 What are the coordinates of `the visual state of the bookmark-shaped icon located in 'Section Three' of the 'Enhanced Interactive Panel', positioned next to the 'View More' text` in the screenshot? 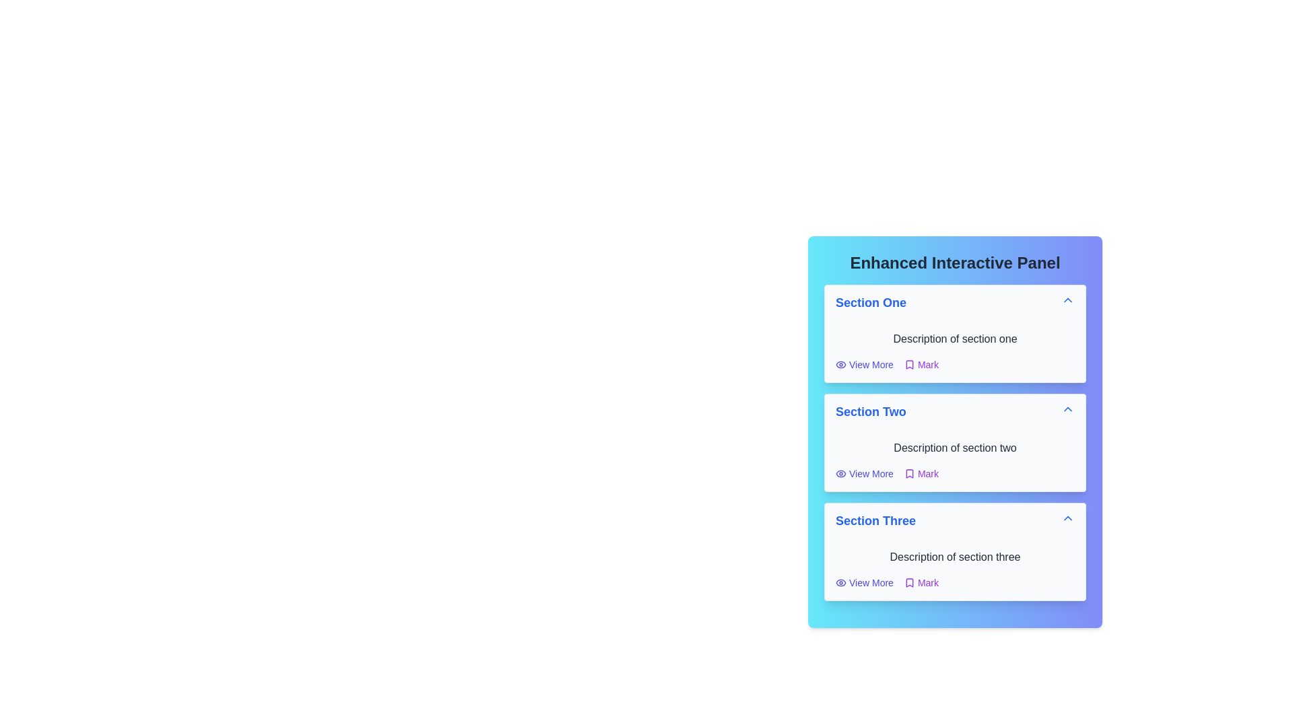 It's located at (909, 582).